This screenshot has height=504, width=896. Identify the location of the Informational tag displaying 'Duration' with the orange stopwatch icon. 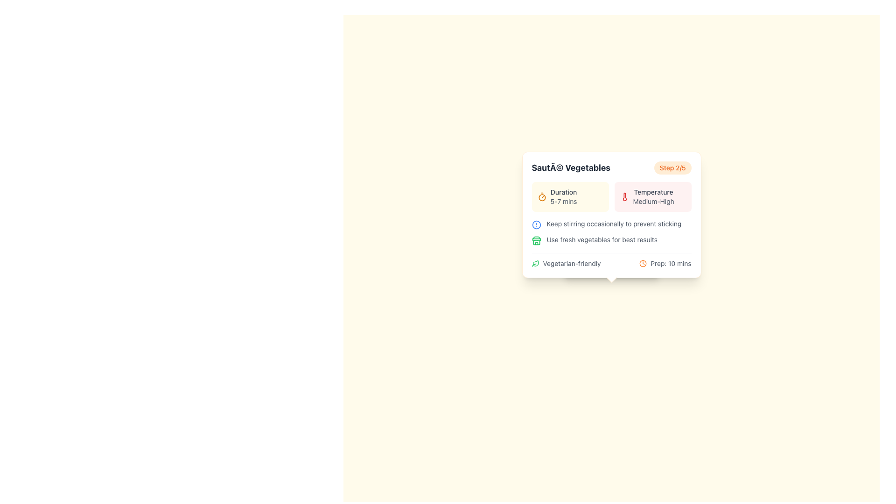
(570, 196).